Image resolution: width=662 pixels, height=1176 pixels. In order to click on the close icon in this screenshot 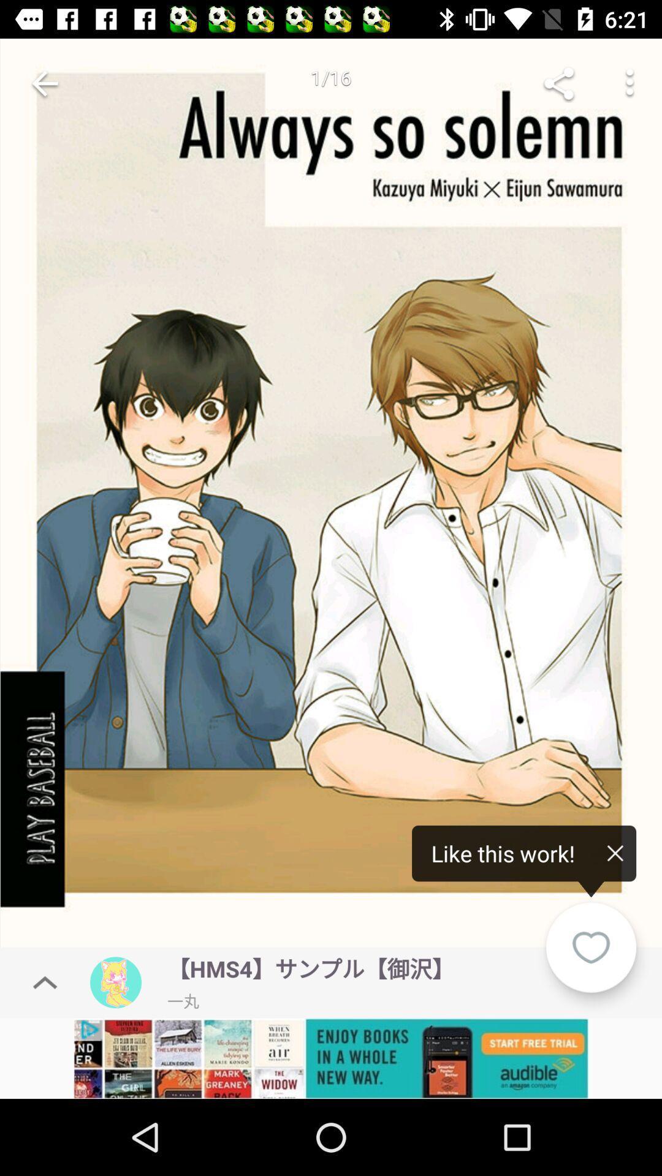, I will do `click(615, 853)`.